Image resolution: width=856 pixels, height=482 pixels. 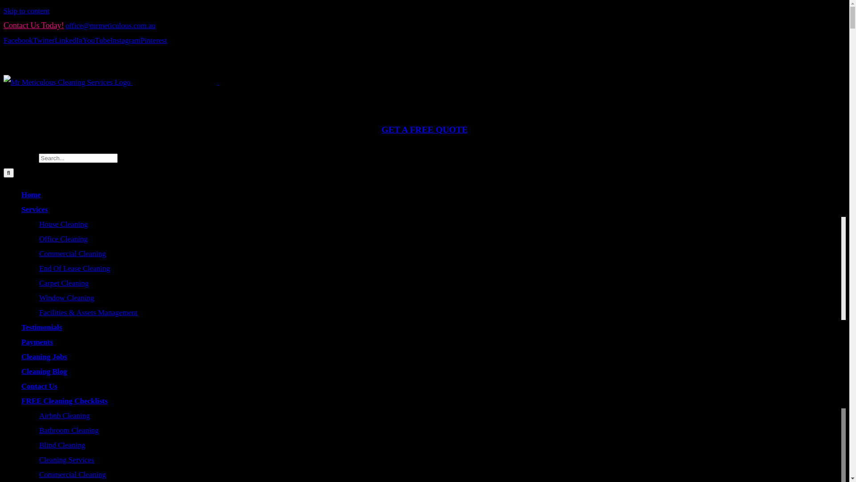 I want to click on 'Bathroom Cleaning', so click(x=68, y=430).